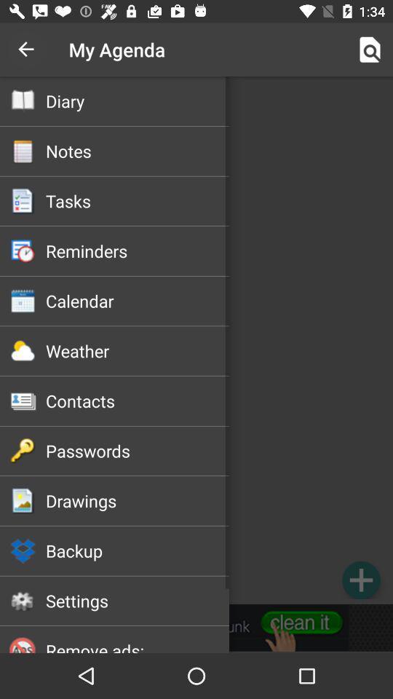 This screenshot has width=393, height=699. Describe the element at coordinates (360, 580) in the screenshot. I see `item at the bottom right corner` at that location.